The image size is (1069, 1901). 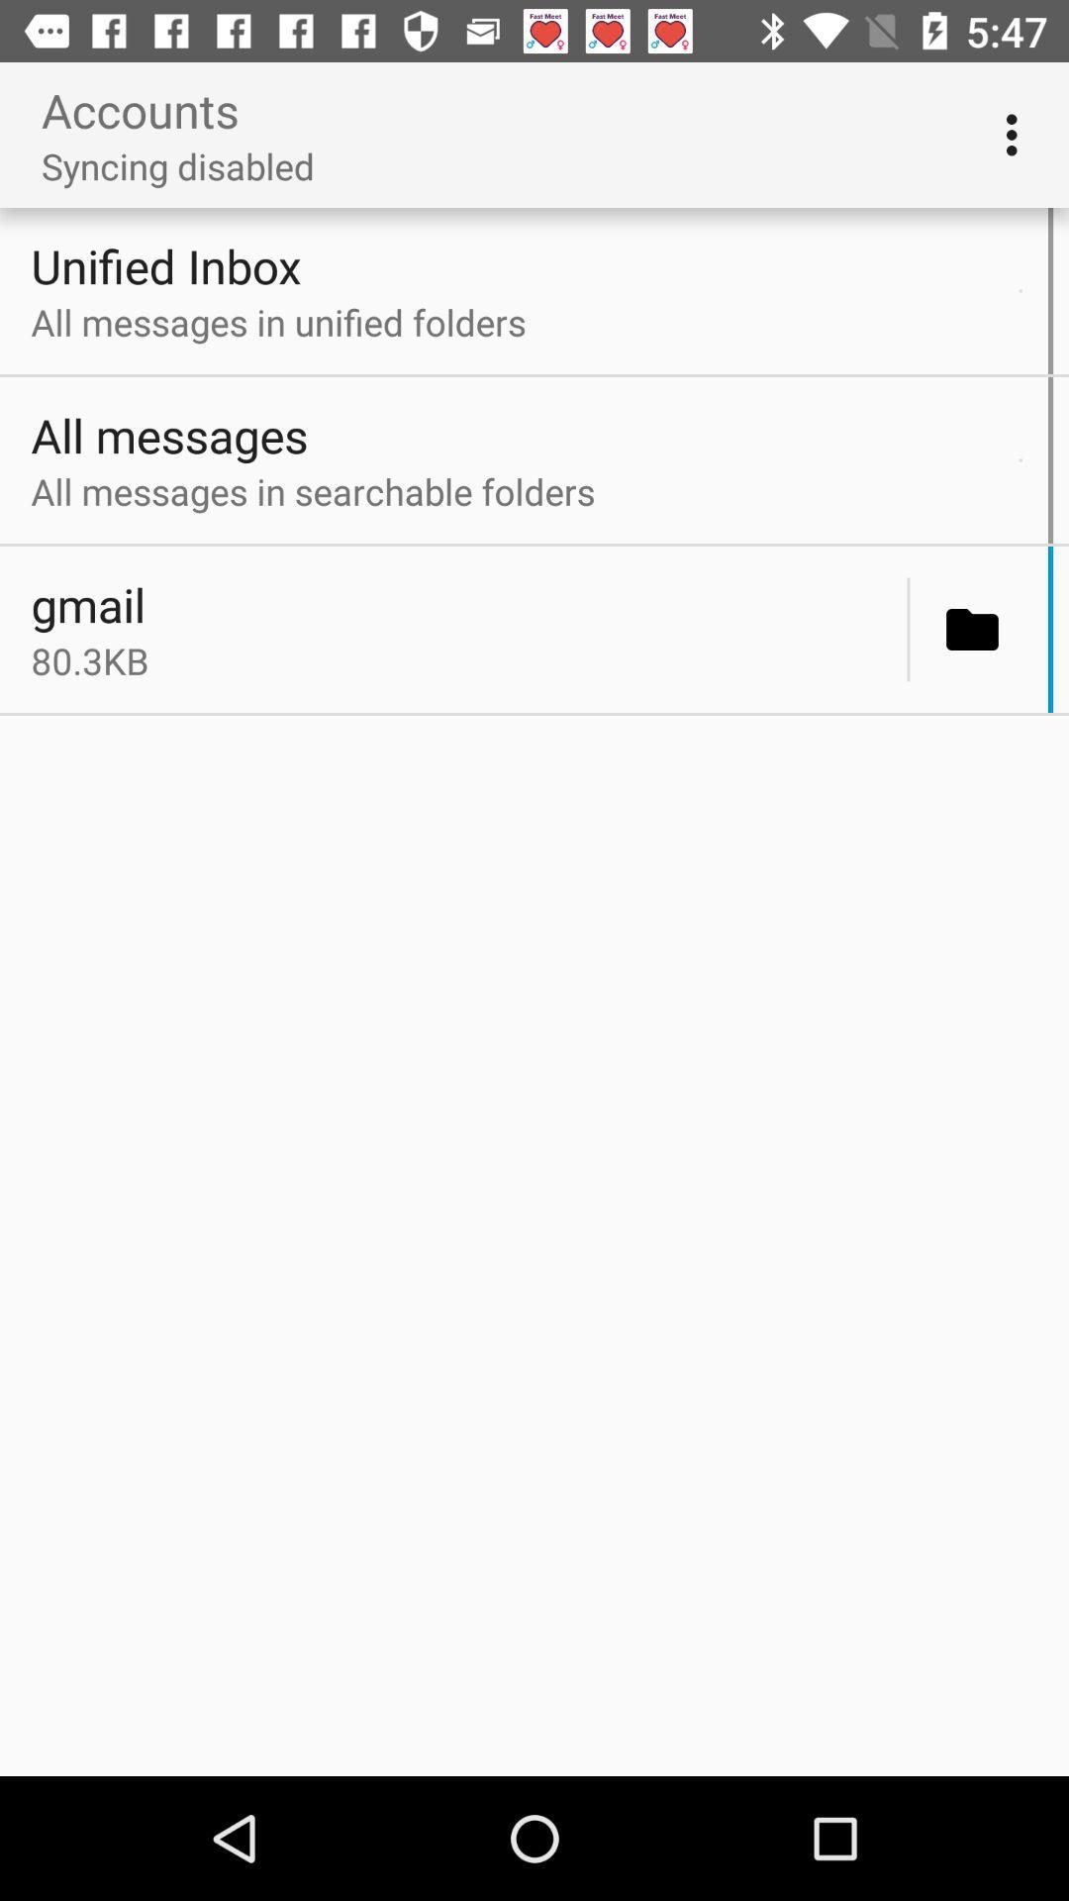 I want to click on the item above the all messages in item, so click(x=1020, y=459).